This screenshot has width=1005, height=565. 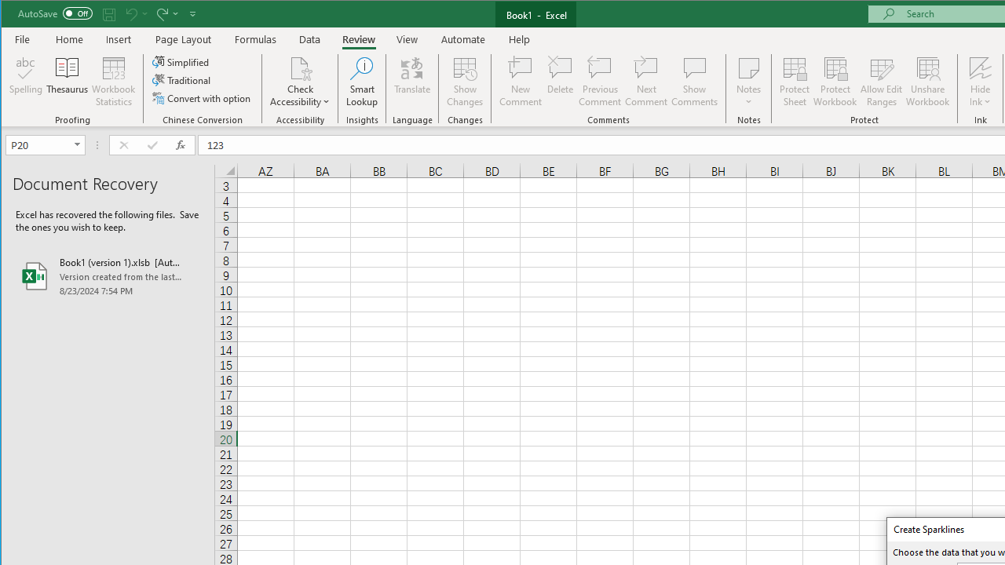 What do you see at coordinates (693, 82) in the screenshot?
I see `'Show Comments'` at bounding box center [693, 82].